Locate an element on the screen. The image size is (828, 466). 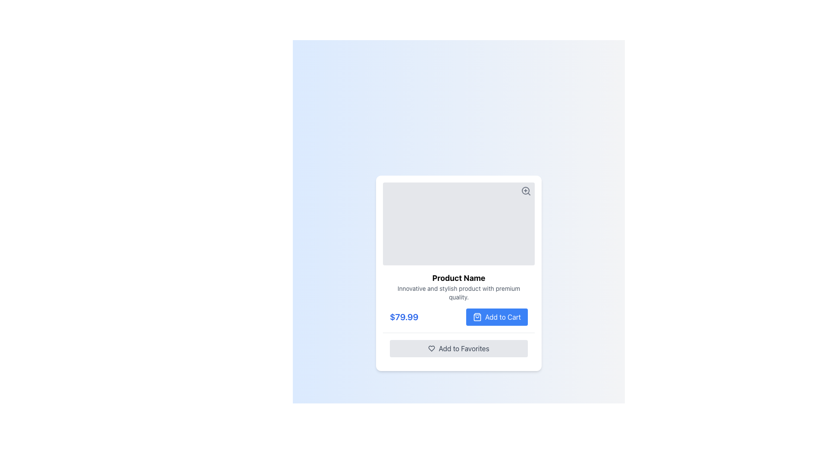
the 'Add to Favorites' icon located to the left of the text within the 'Add to Favorites' button at the bottom of the product card is located at coordinates (432, 348).